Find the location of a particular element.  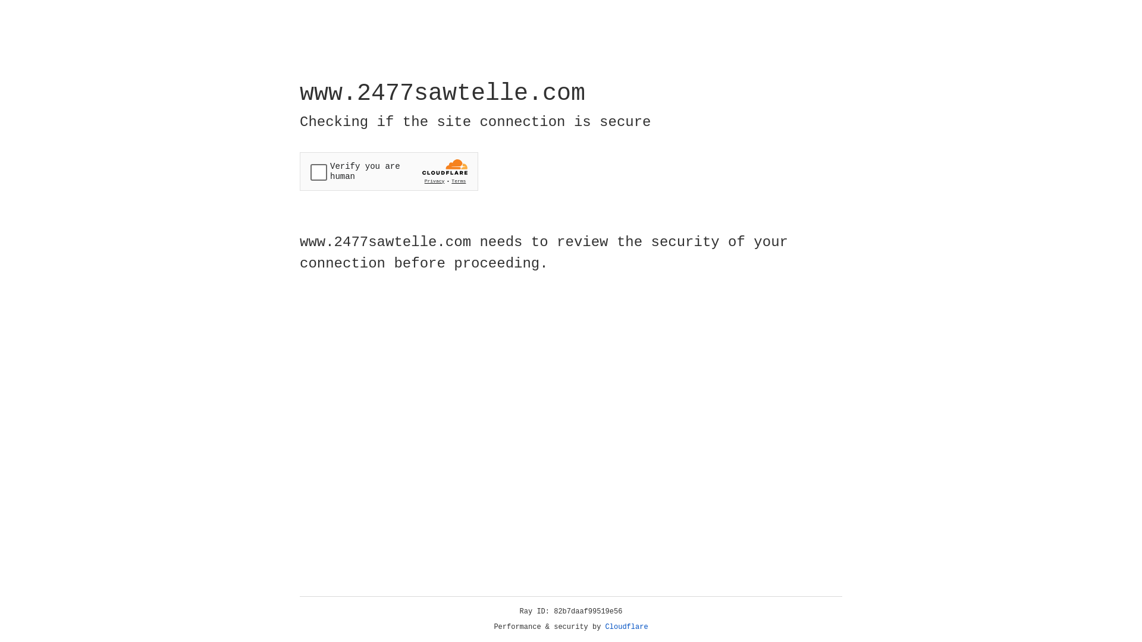

'Widget containing a Cloudflare security challenge' is located at coordinates (388, 171).